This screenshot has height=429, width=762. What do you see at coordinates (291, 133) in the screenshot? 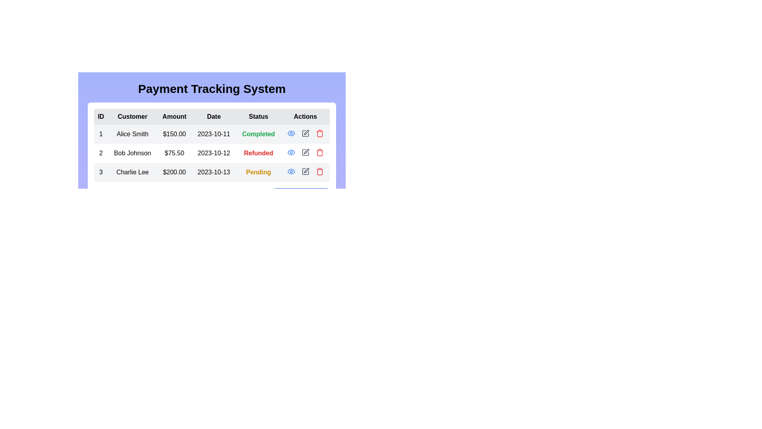
I see `the outer shape of the eye icon in the 'Actions' column of the third row` at bounding box center [291, 133].